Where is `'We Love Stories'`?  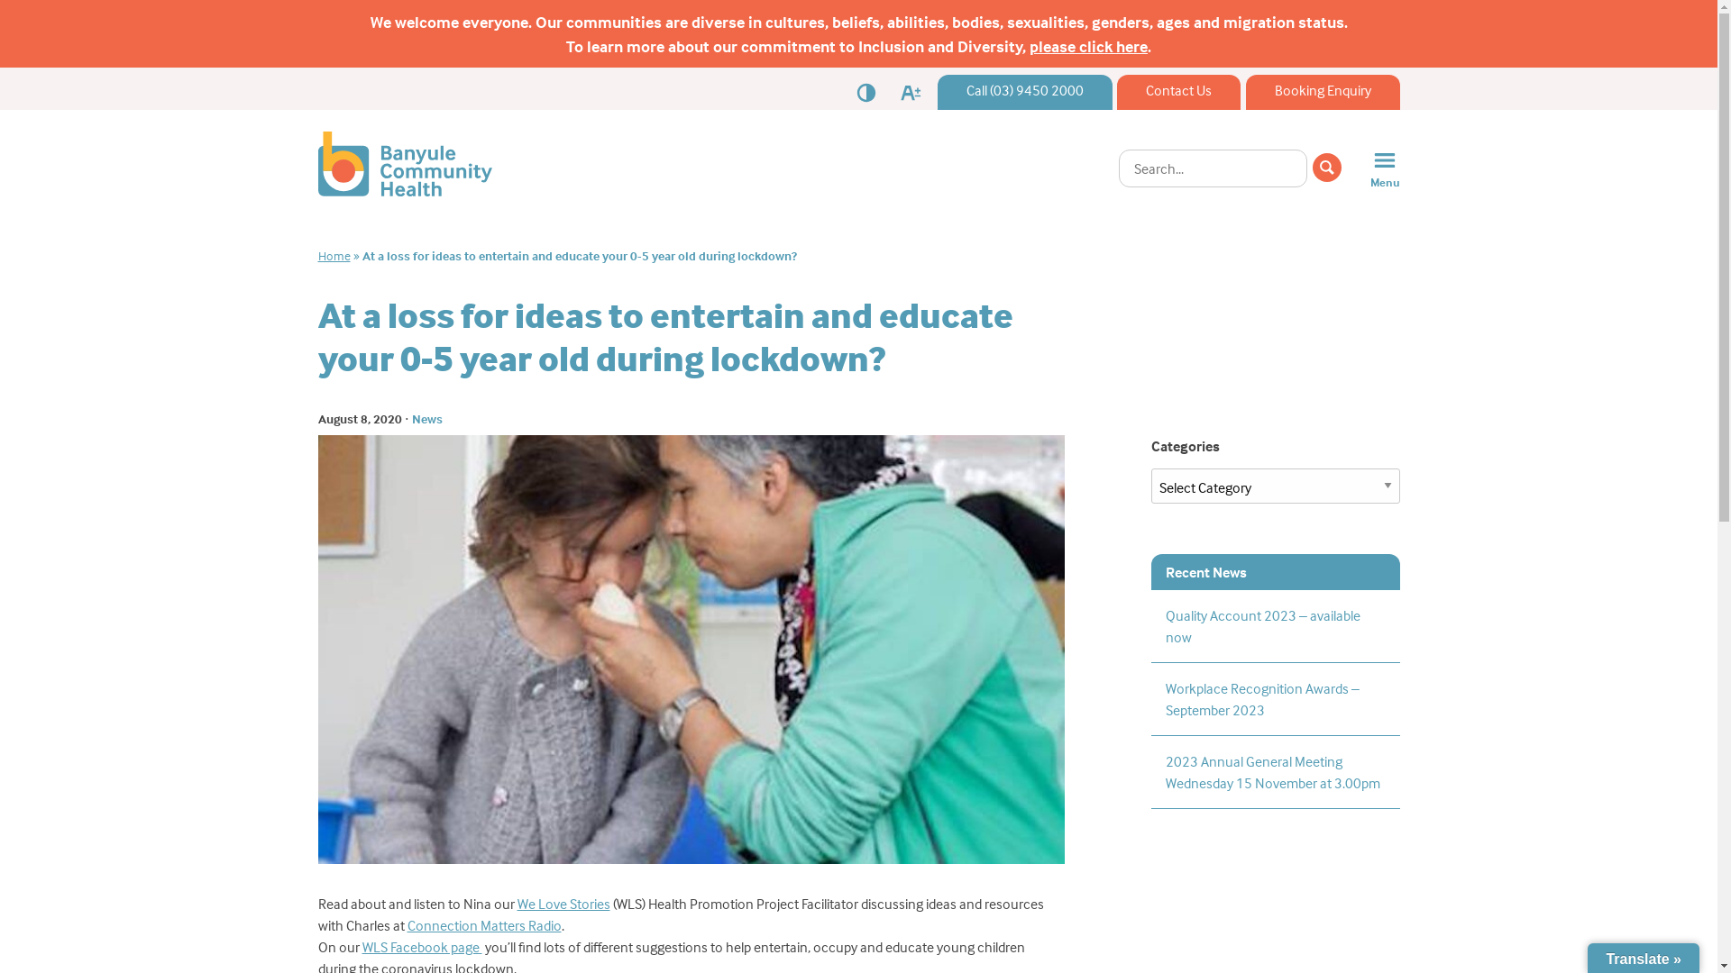
'We Love Stories' is located at coordinates (563, 903).